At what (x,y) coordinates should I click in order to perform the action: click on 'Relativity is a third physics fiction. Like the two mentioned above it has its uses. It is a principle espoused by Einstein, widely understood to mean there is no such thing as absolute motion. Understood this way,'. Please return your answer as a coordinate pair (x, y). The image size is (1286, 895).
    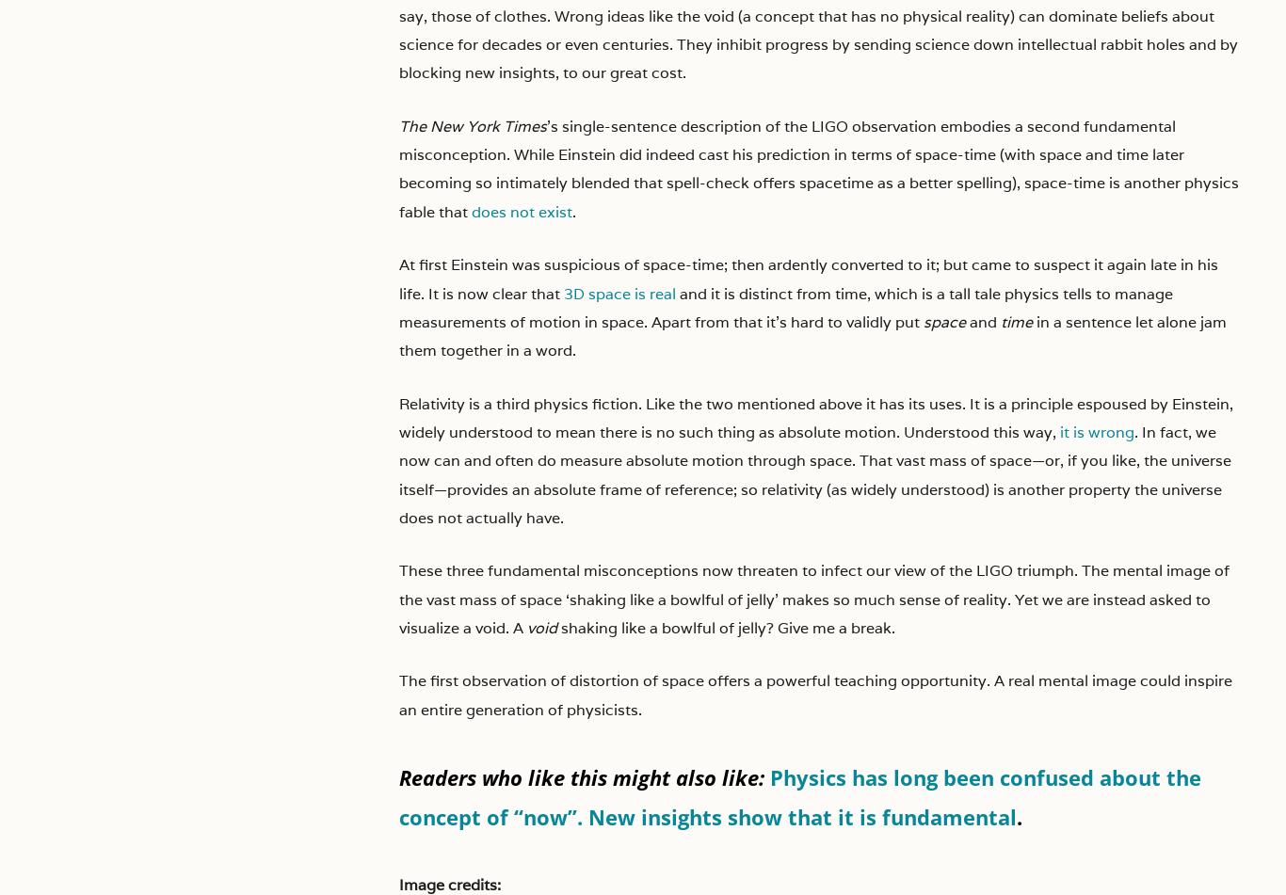
    Looking at the image, I should click on (815, 417).